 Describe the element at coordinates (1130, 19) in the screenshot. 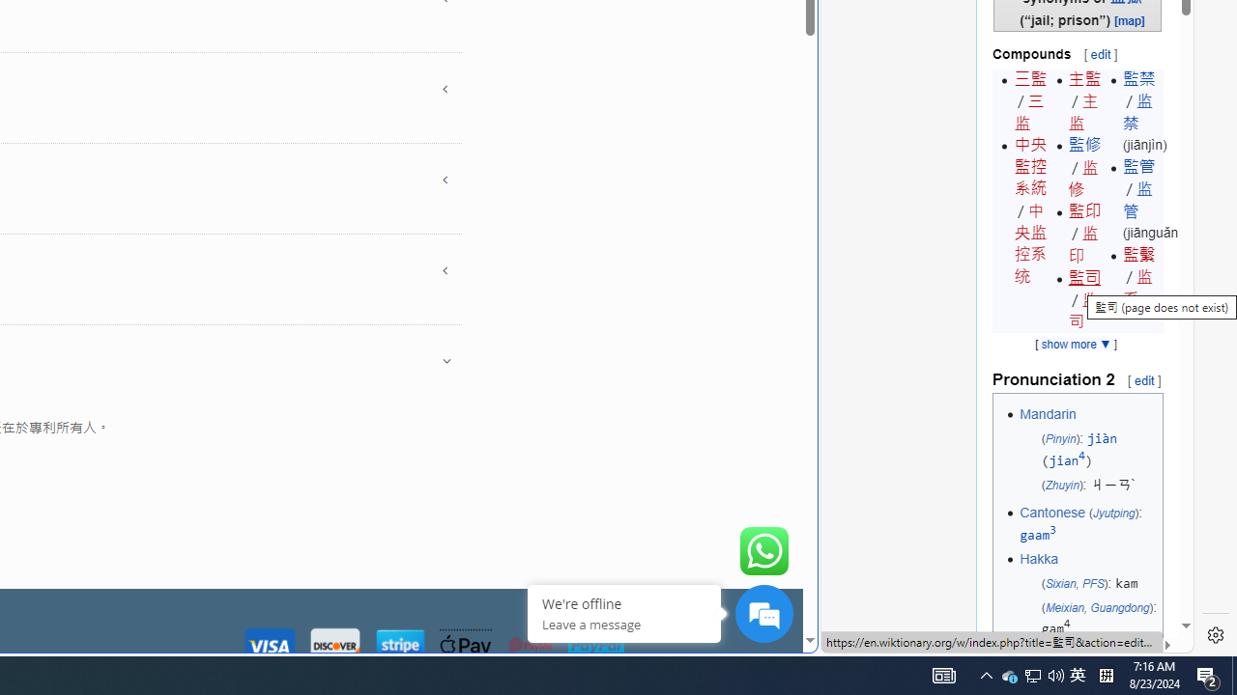

I see `'[map]'` at that location.